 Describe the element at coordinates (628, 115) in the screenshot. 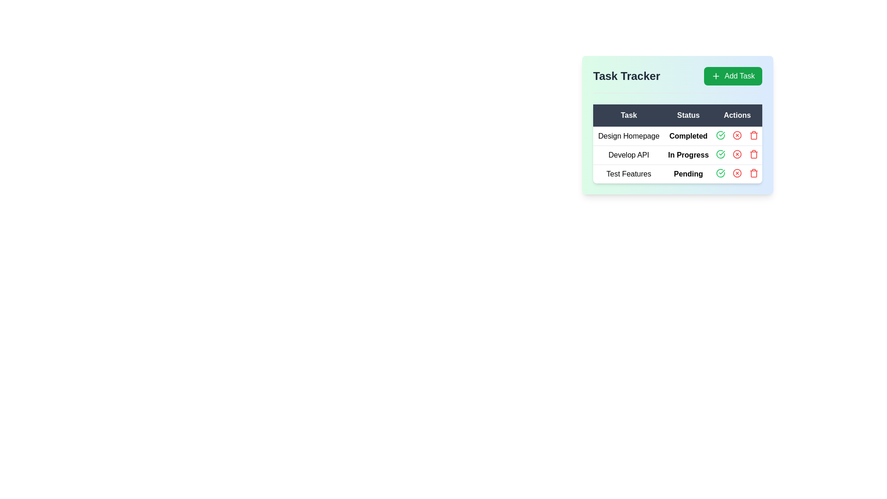

I see `the static text label 'Task' which is styled with a dark background and white text, located at the top-left of the table header area` at that location.